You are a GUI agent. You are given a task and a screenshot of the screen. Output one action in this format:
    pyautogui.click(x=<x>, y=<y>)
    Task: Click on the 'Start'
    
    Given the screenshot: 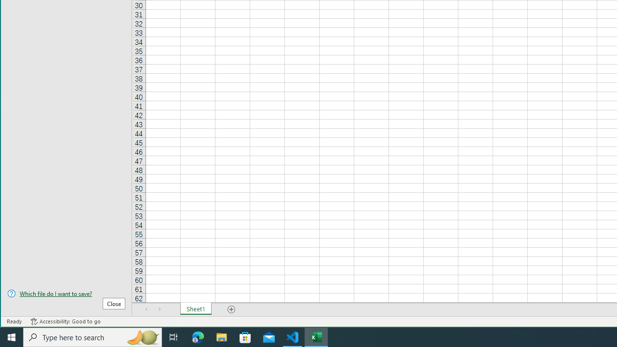 What is the action you would take?
    pyautogui.click(x=12, y=336)
    